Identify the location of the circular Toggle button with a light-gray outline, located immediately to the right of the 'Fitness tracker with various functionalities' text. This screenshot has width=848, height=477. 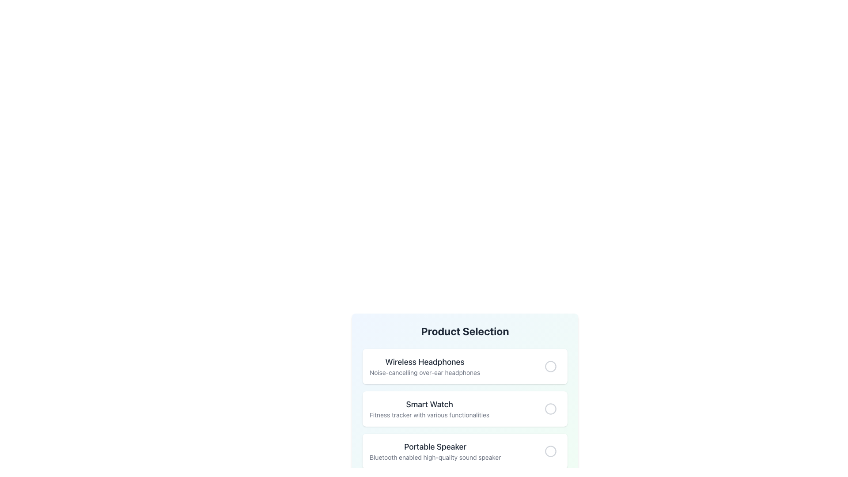
(550, 409).